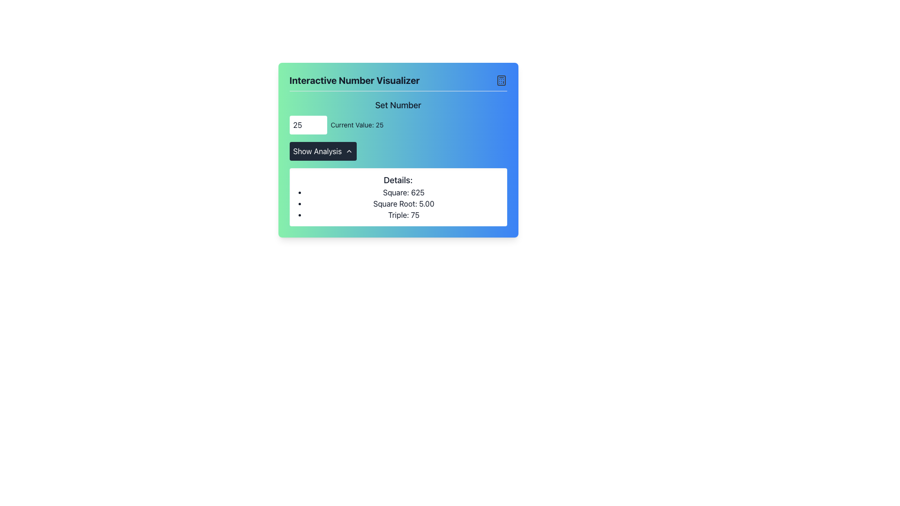 The width and height of the screenshot is (900, 506). I want to click on the numerical input field displaying the value '25', which is styled with rounded corners and bordered in light gray, so click(308, 124).